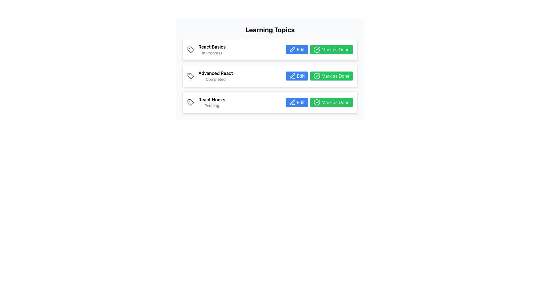 The image size is (539, 303). Describe the element at coordinates (319, 76) in the screenshot. I see `the 'Edit' button on the composite UI element for the learning topic labeled 'Advanced React'` at that location.